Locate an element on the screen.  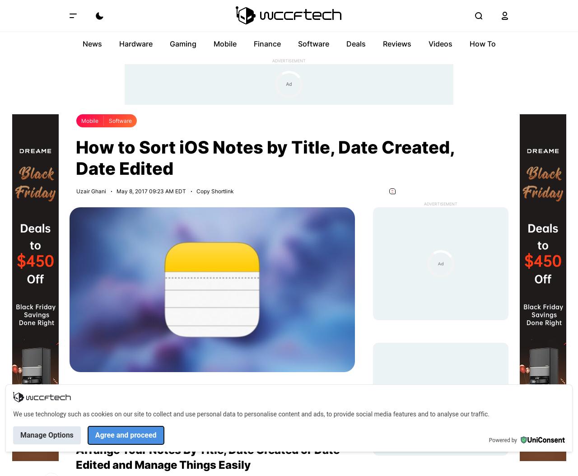
'Finance' is located at coordinates (266, 43).